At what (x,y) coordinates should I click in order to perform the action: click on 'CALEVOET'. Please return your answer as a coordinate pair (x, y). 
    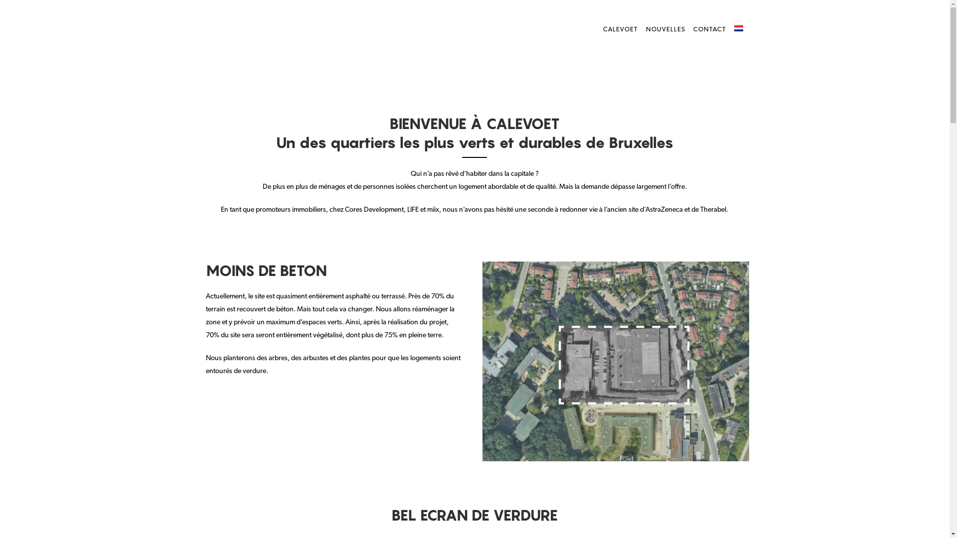
    Looking at the image, I should click on (598, 29).